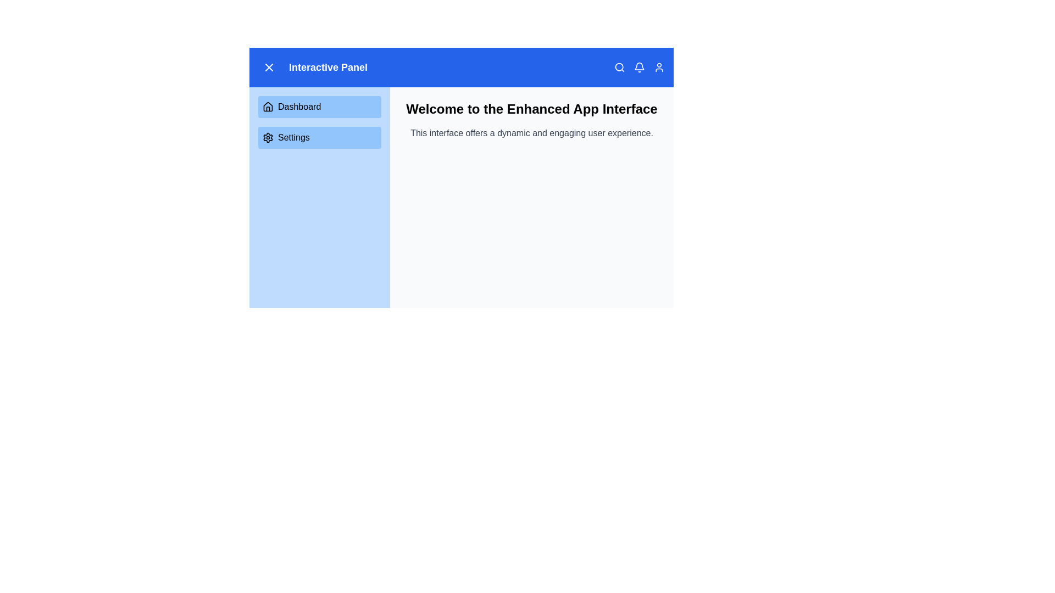 The height and width of the screenshot is (593, 1055). I want to click on displayed message from the header text 'Welcome to the Enhanced App Interface', which is a large, bold text located in the top right section of the content area, so click(532, 109).